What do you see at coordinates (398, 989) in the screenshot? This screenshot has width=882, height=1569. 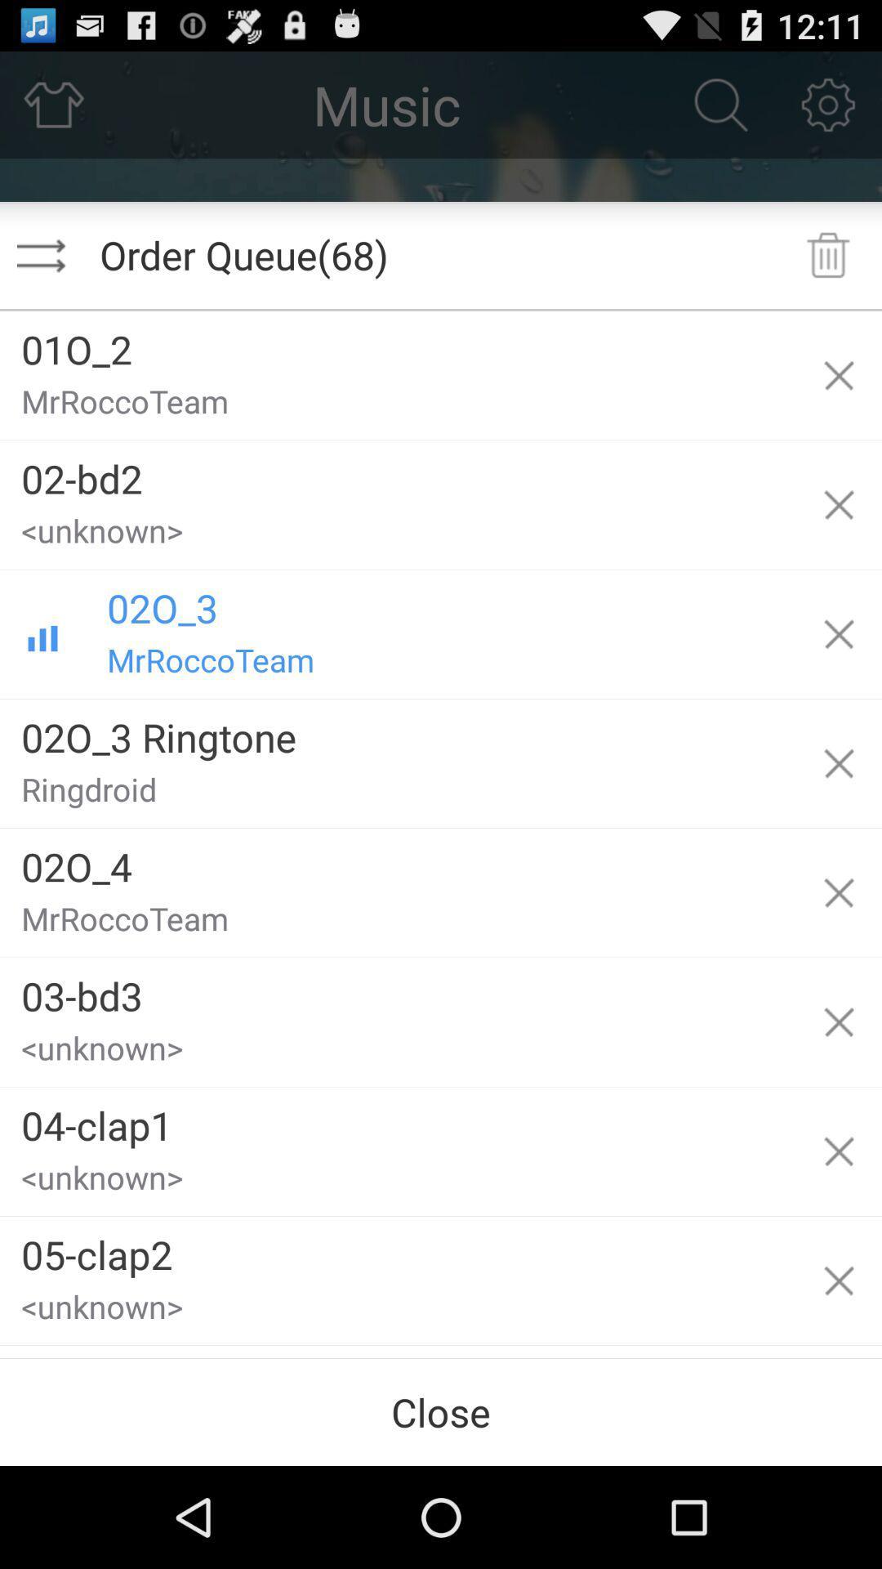 I see `the 03-bd3 item` at bounding box center [398, 989].